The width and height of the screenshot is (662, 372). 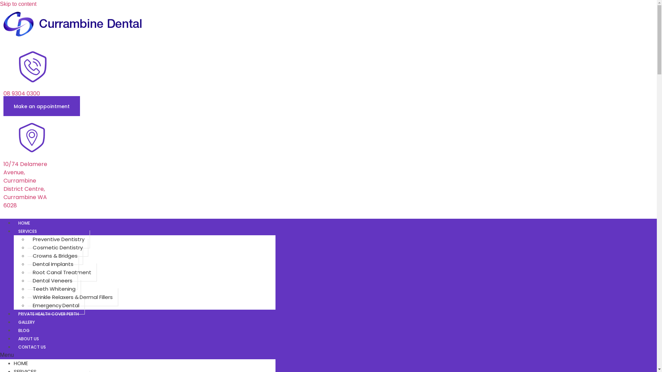 What do you see at coordinates (59, 239) in the screenshot?
I see `'Preventive Dentistry'` at bounding box center [59, 239].